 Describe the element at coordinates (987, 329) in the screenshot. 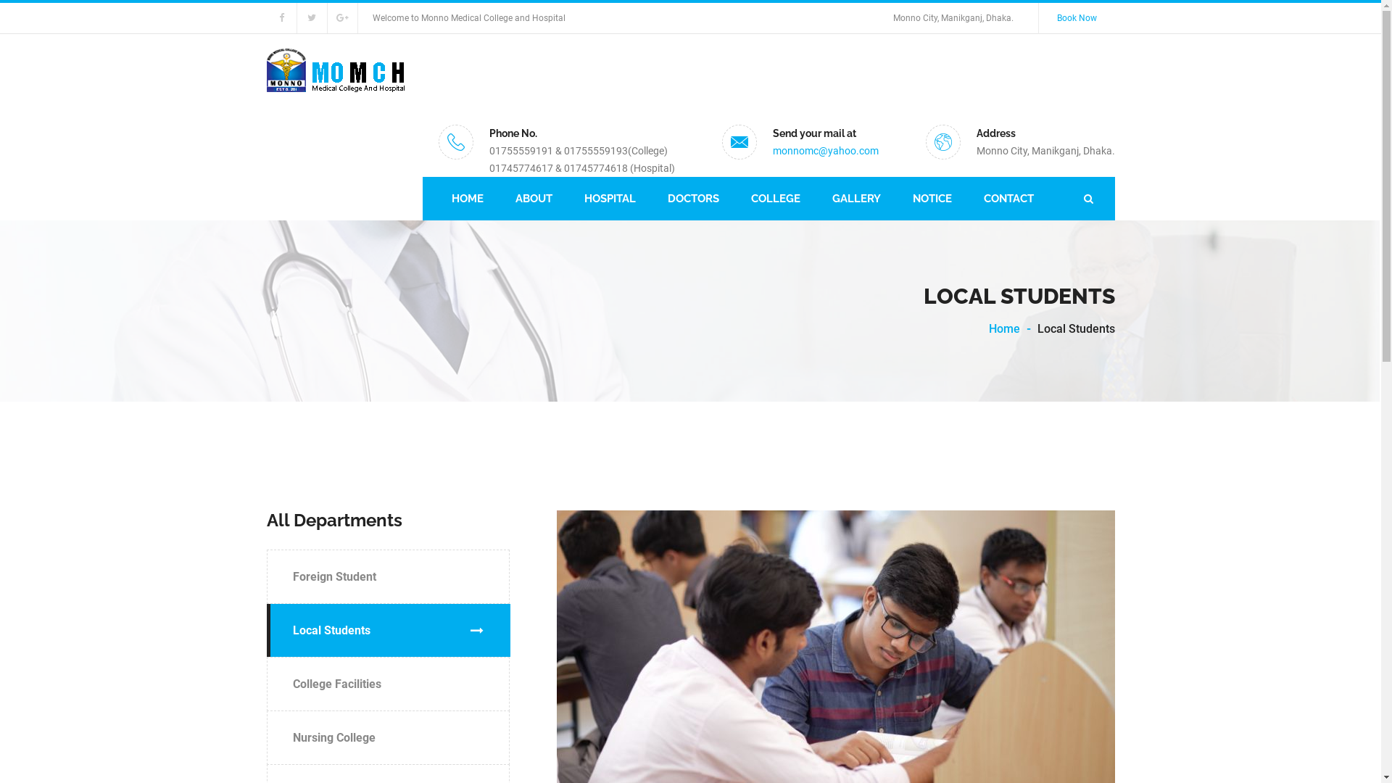

I see `'Home'` at that location.